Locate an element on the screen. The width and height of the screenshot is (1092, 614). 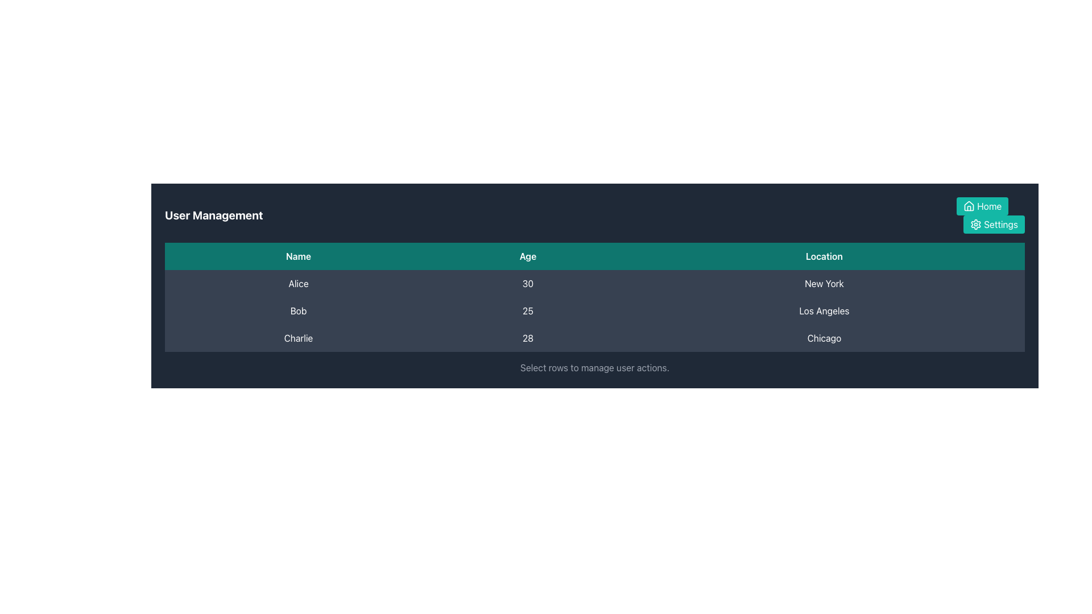
the text display element showing the name 'Alice' in the user management table, located in the first row under the 'Name' column is located at coordinates (298, 283).